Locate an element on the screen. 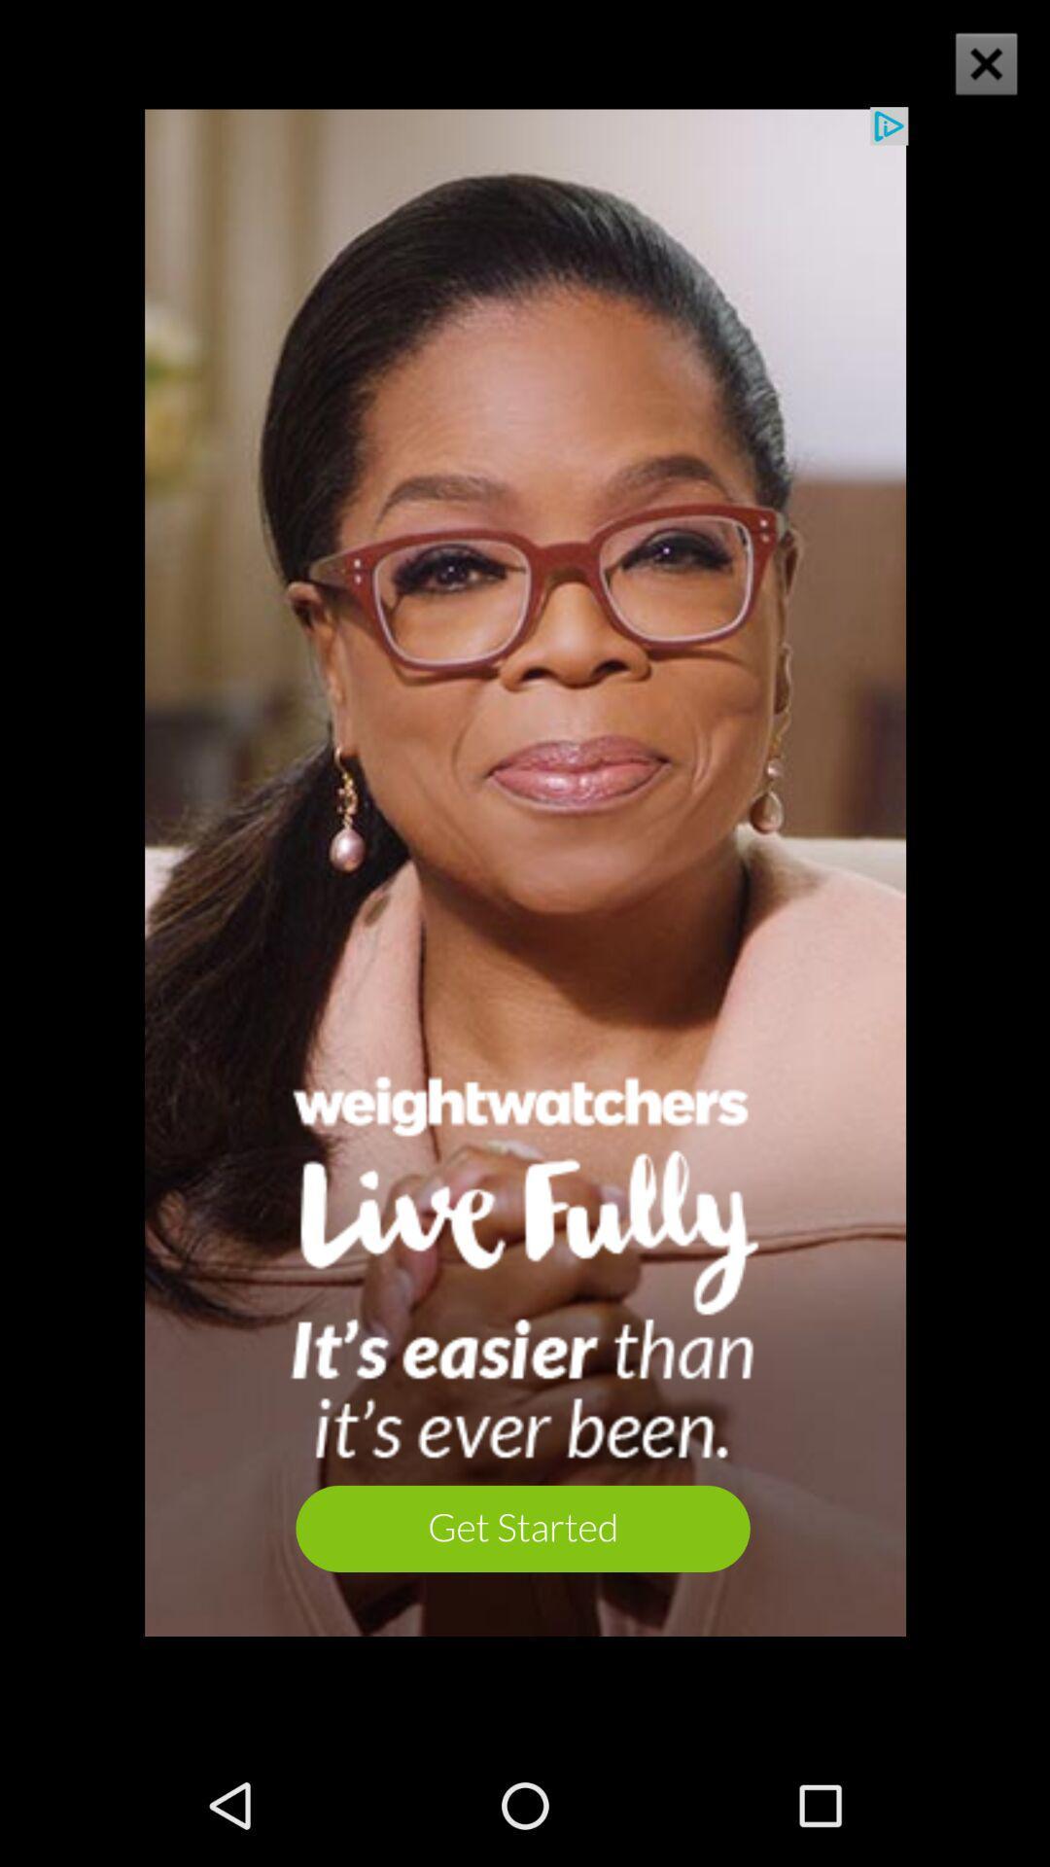 The height and width of the screenshot is (1867, 1050). the close icon is located at coordinates (986, 68).